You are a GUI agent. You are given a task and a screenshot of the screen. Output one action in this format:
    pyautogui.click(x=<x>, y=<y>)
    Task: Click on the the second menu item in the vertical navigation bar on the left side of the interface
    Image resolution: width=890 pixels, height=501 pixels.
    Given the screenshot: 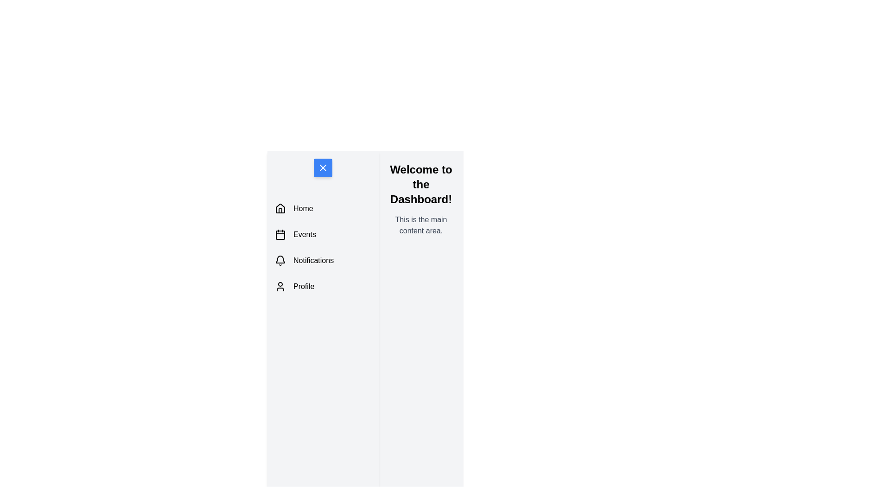 What is the action you would take?
    pyautogui.click(x=323, y=234)
    